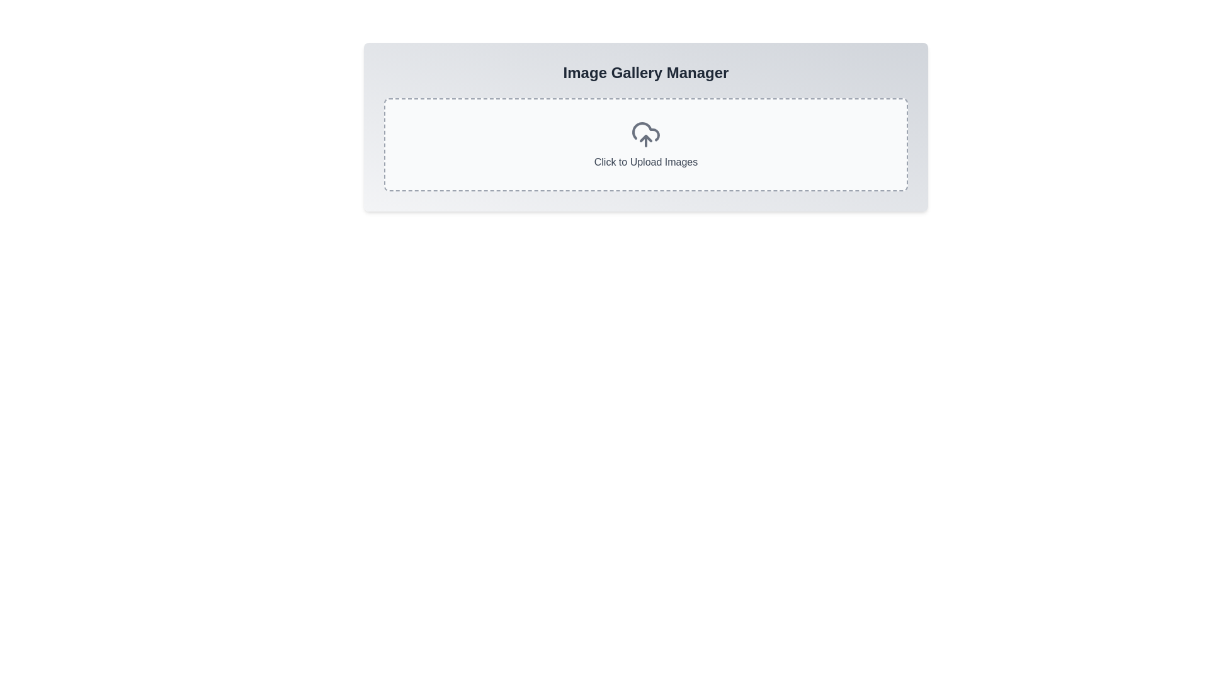  Describe the element at coordinates (646, 134) in the screenshot. I see `the upload icon, which is located in the center of a bordered, dashed box labeled 'Click to Upload Images'` at that location.